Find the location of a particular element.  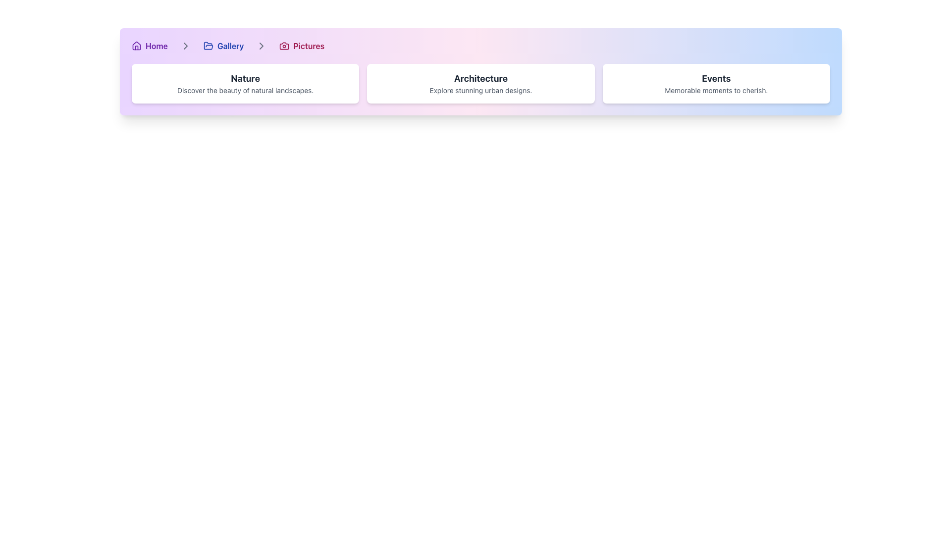

the bold, large-sized static text reading 'Events' which is styled in dark gray color and located at the top of a rounded rectangular card is located at coordinates (716, 78).